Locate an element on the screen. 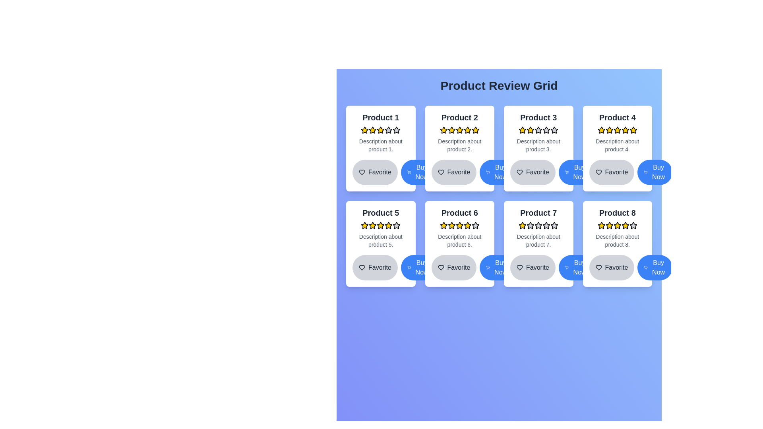  the first star rating icon for Product 5, which serves as a visual indicator for user feedback in the product card is located at coordinates (364, 225).